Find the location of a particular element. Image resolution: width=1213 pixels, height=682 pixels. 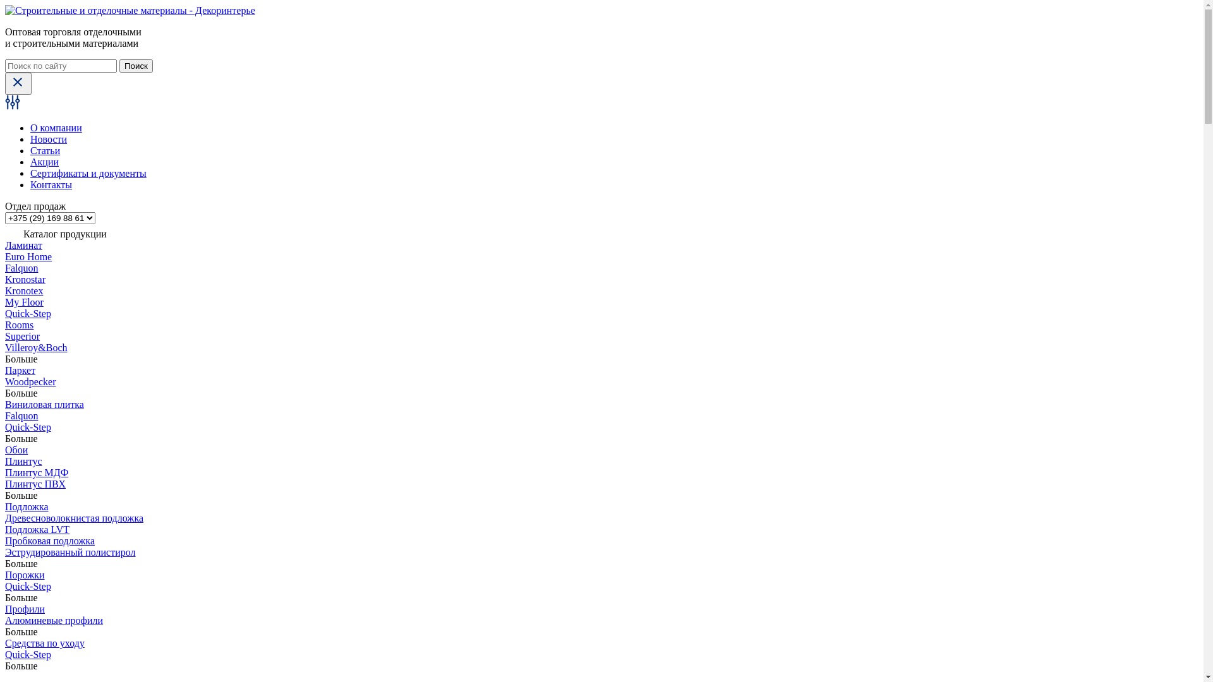

'Rooms' is located at coordinates (19, 324).